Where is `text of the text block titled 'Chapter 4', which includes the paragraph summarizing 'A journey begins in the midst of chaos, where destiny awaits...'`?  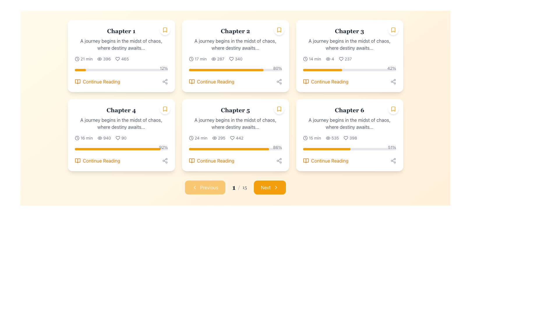 text of the text block titled 'Chapter 4', which includes the paragraph summarizing 'A journey begins in the midst of chaos, where destiny awaits...' is located at coordinates (121, 118).